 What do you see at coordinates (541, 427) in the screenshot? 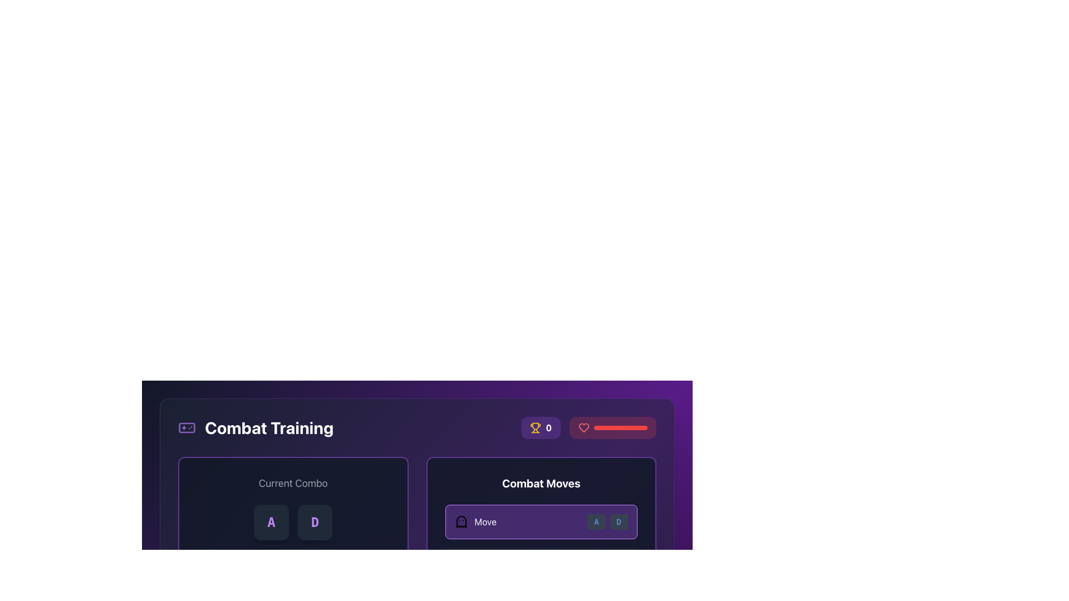
I see `the Display badge button, which has a light purple background, rounded corners, a yellow trophy icon on the left, and a bold white number '0' on the right` at bounding box center [541, 427].